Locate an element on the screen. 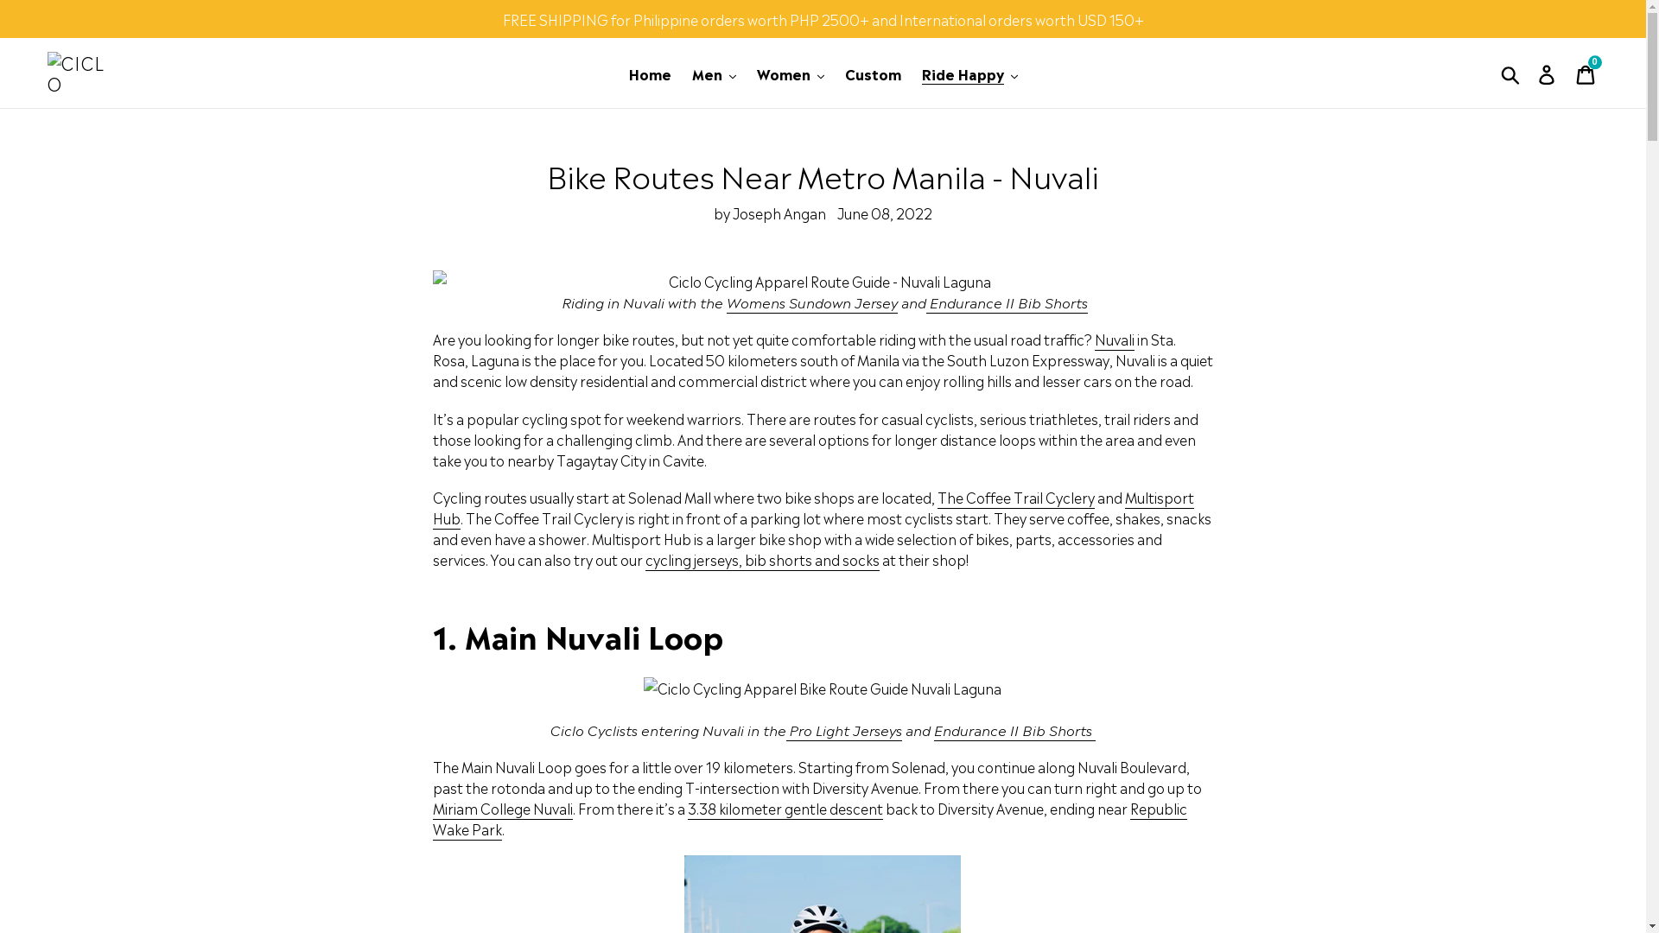 This screenshot has width=1659, height=933. 'Custom' is located at coordinates (836, 72).